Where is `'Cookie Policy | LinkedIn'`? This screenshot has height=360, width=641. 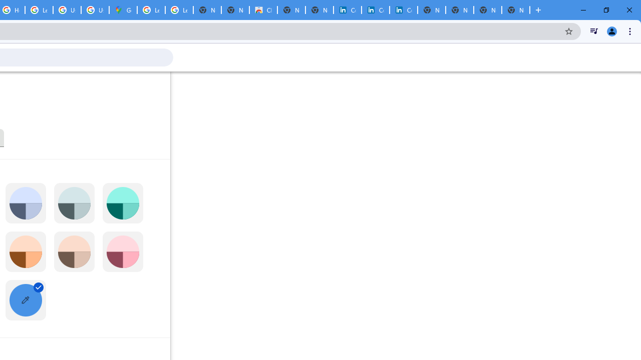
'Cookie Policy | LinkedIn' is located at coordinates (347, 10).